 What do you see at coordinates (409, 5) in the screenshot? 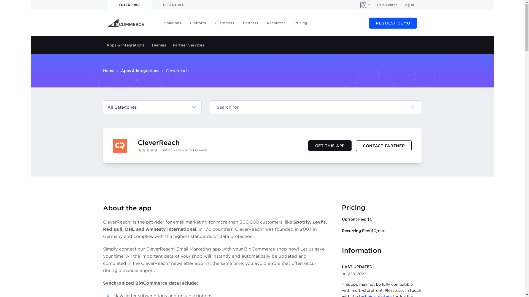
I see `'Log In'` at bounding box center [409, 5].